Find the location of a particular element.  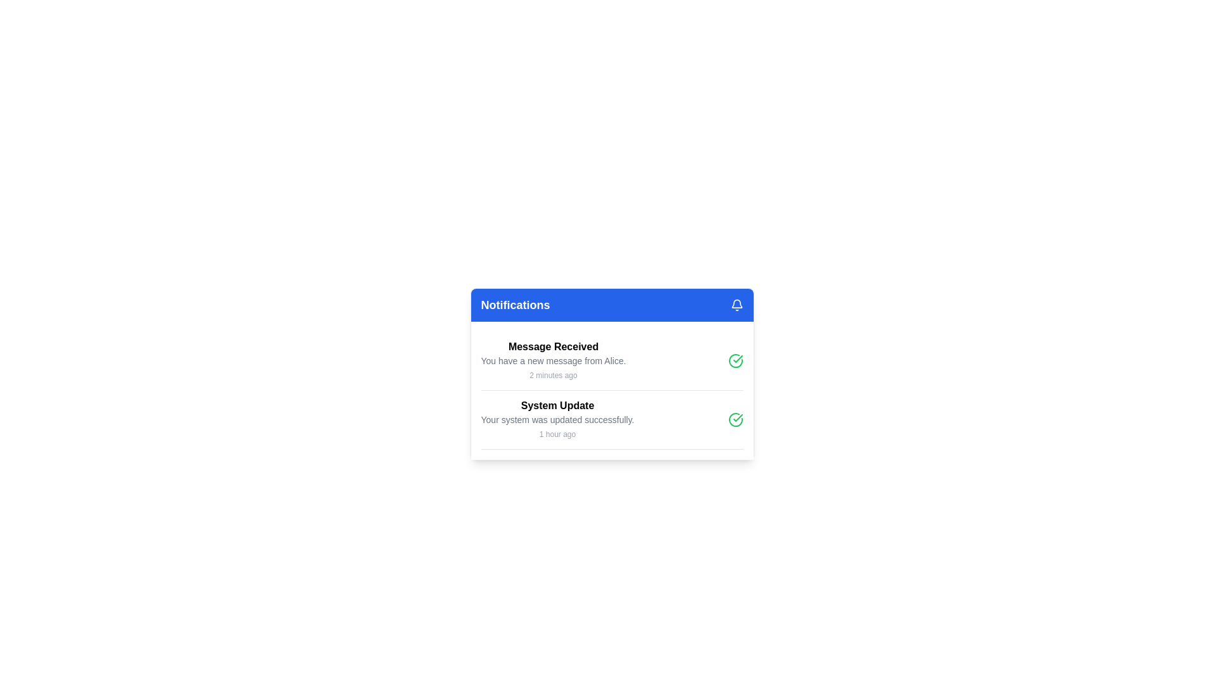

the bolded text segment labeled 'Message Received', which is the title of the first notification in the notification list is located at coordinates (553, 346).